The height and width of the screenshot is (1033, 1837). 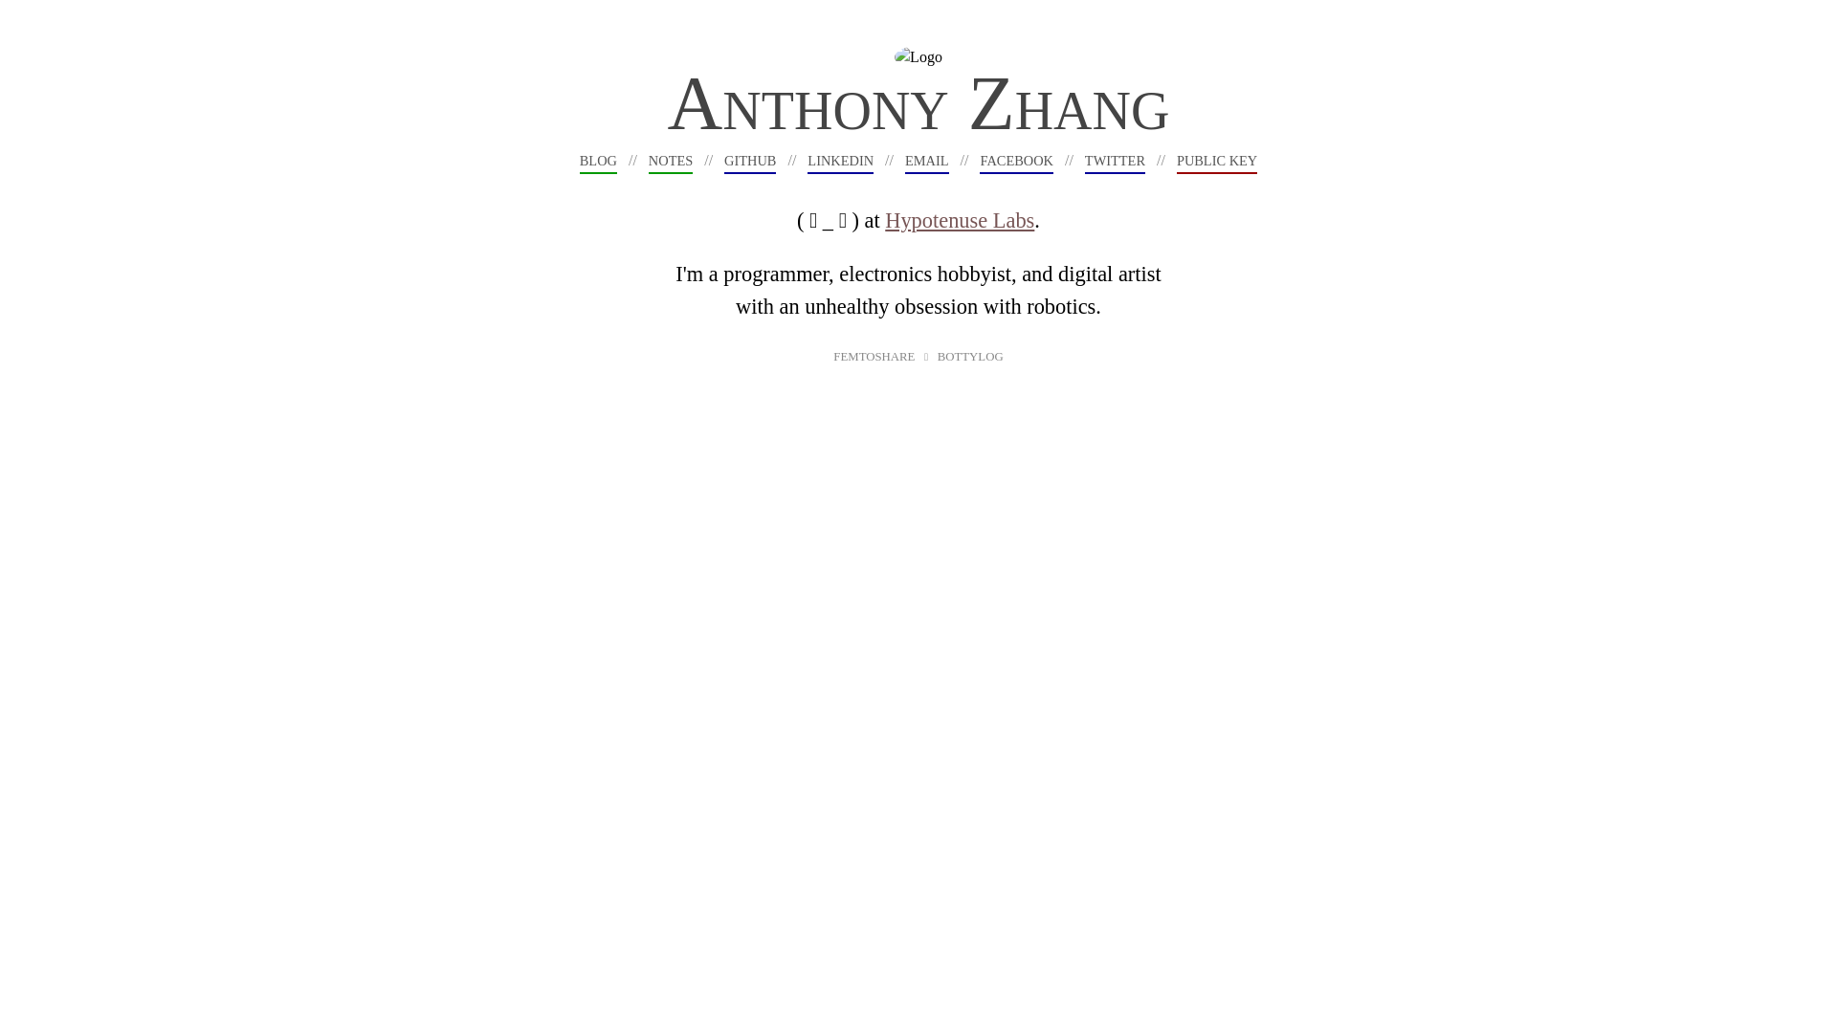 I want to click on 'BOTTYLOG', so click(x=937, y=357).